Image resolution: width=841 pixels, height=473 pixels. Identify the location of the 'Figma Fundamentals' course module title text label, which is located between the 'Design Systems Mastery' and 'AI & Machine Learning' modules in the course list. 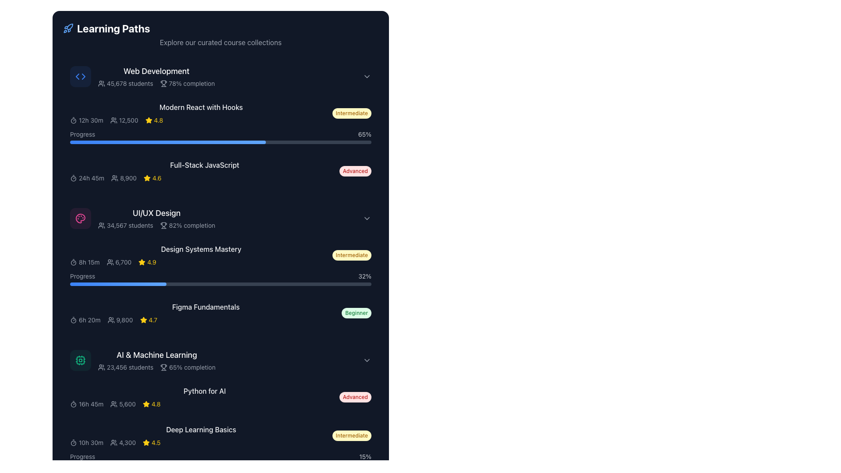
(205, 307).